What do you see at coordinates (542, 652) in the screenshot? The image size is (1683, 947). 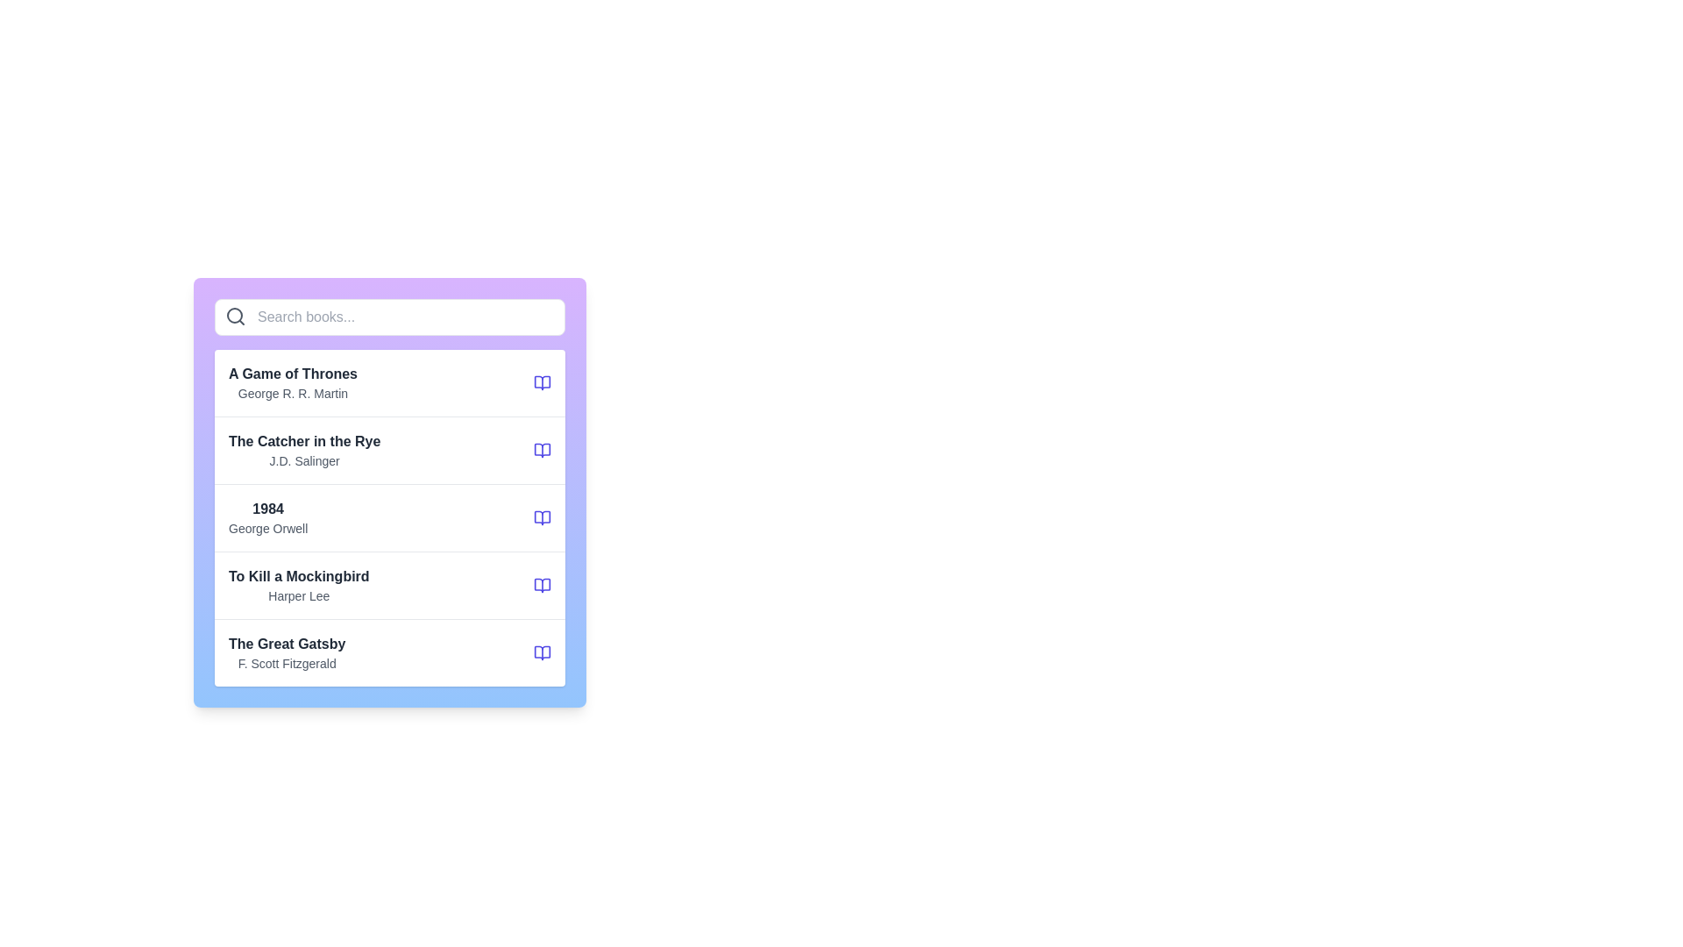 I see `the book entry icon located on the right side of the list item displaying 'The Great Gatsby F. Scott Fitzgerald'` at bounding box center [542, 652].